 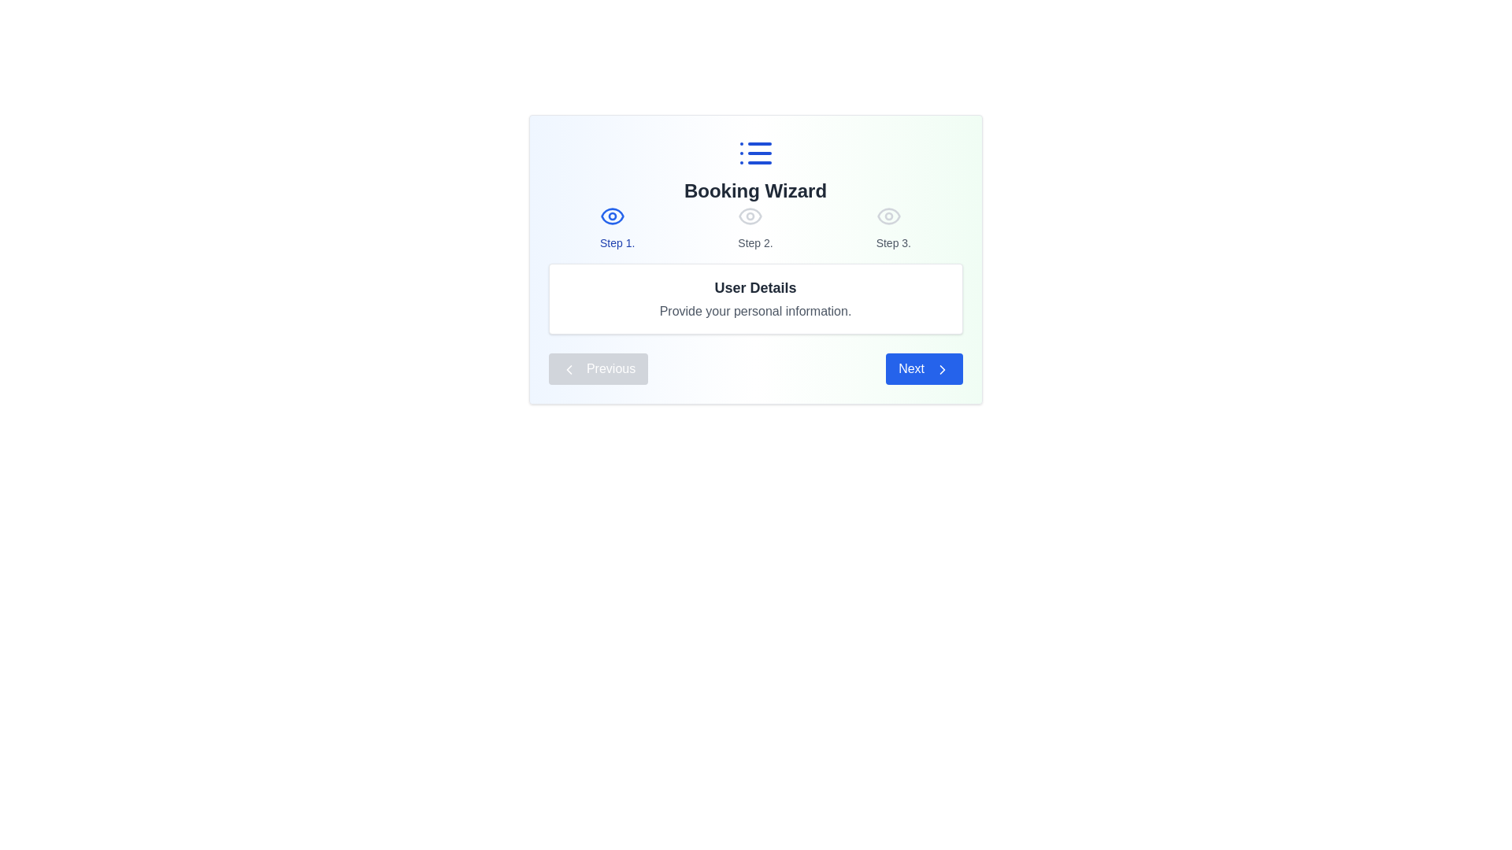 I want to click on the 'Next' button located at the bottom-right corner of the central interface card, so click(x=942, y=369).